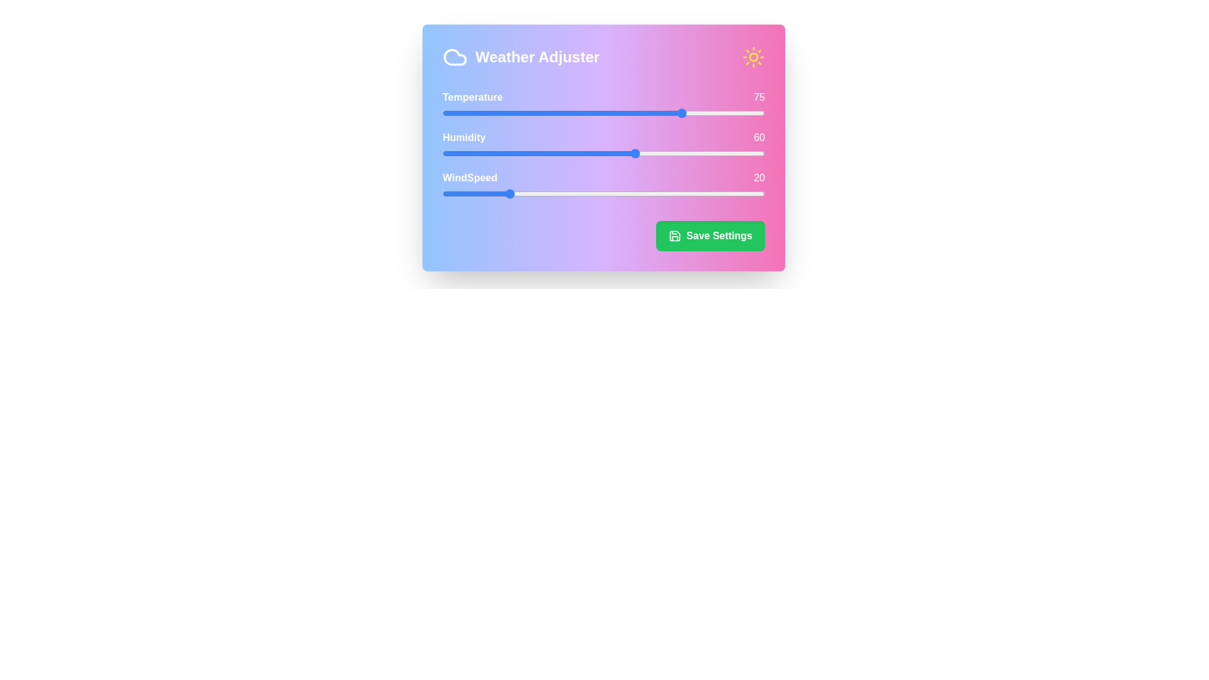 This screenshot has width=1209, height=680. What do you see at coordinates (639, 194) in the screenshot?
I see `the wind speed` at bounding box center [639, 194].